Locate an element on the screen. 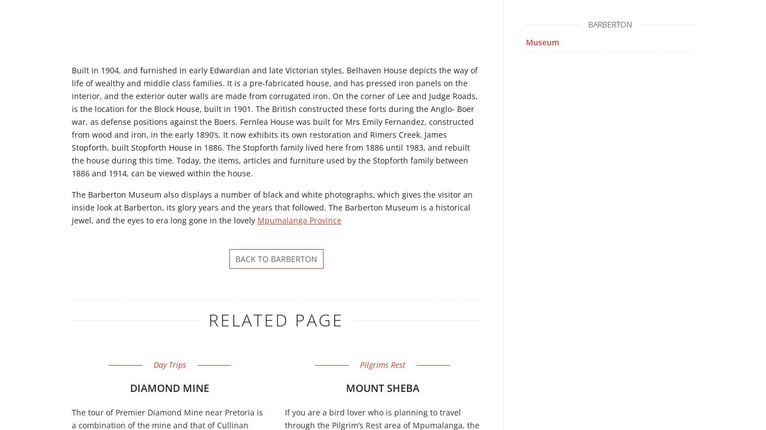 The width and height of the screenshot is (766, 430). 'war, as defense positions against the Boers. Fernlea House was built' is located at coordinates (200, 121).